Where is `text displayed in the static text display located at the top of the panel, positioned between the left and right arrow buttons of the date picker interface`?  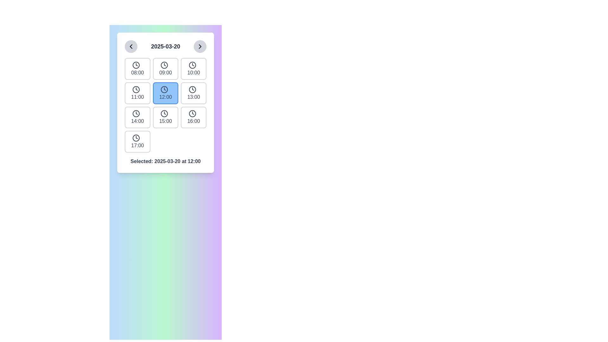 text displayed in the static text display located at the top of the panel, positioned between the left and right arrow buttons of the date picker interface is located at coordinates (166, 46).